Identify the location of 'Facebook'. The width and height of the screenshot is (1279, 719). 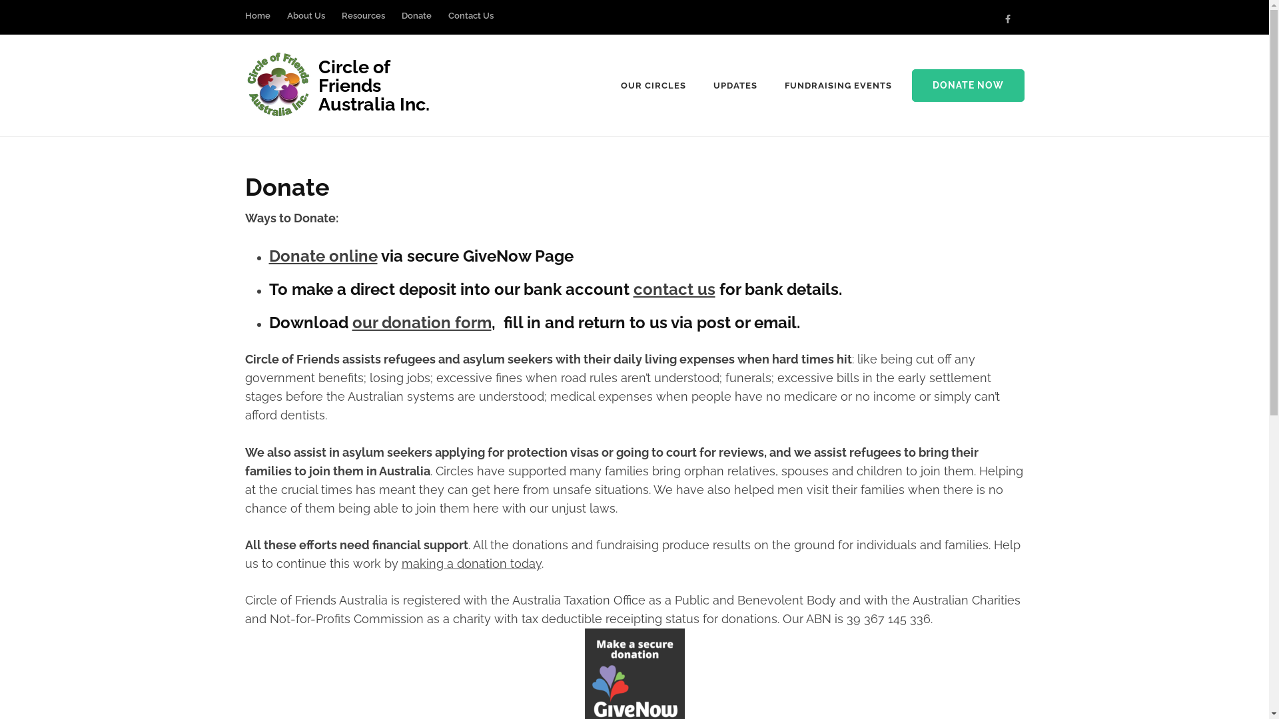
(1005, 19).